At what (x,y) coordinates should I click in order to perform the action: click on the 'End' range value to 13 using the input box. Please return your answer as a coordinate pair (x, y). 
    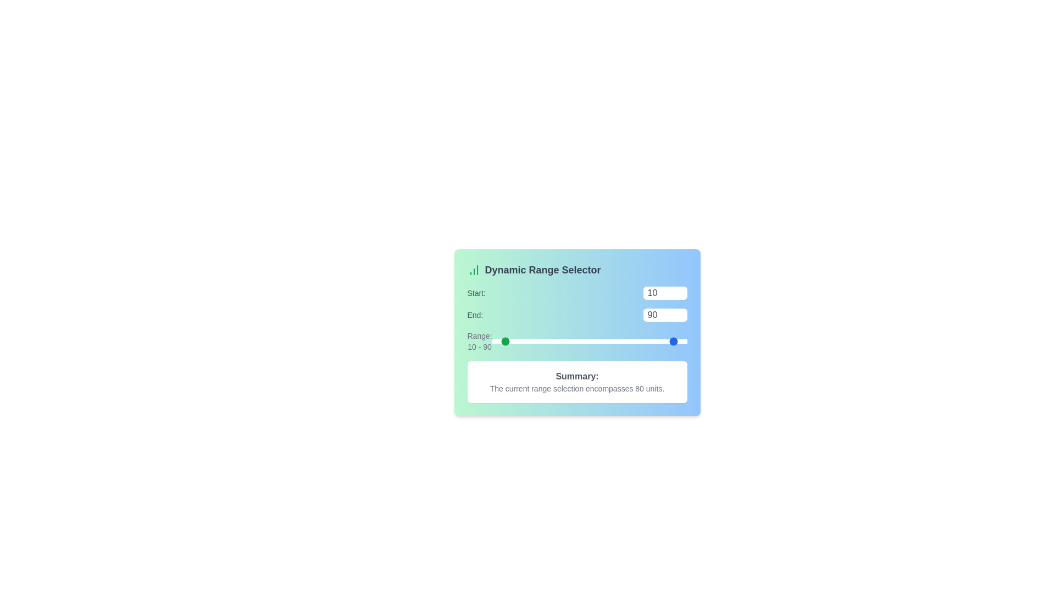
    Looking at the image, I should click on (664, 315).